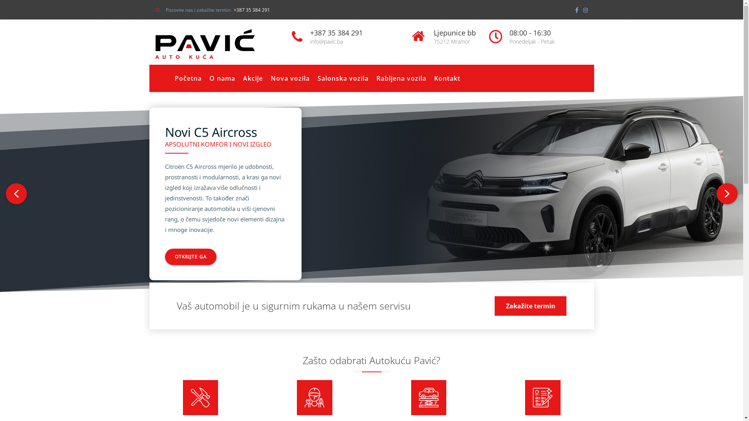 This screenshot has width=749, height=421. I want to click on 'facebook', so click(578, 10).